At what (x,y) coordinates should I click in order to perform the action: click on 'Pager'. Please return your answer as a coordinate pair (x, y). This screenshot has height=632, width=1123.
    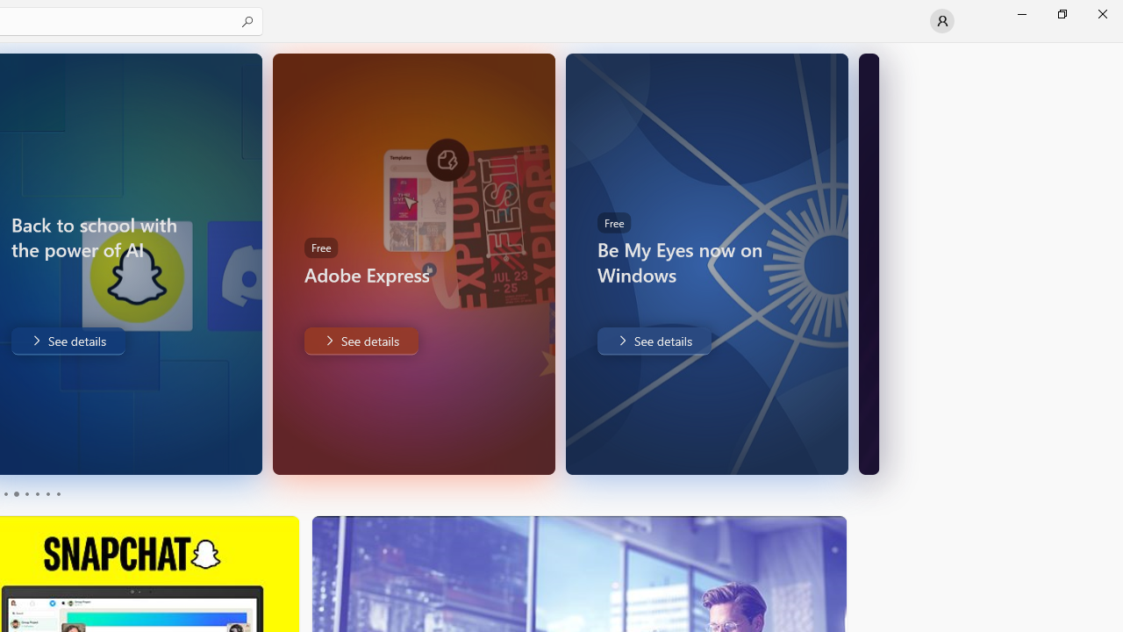
    Looking at the image, I should click on (31, 494).